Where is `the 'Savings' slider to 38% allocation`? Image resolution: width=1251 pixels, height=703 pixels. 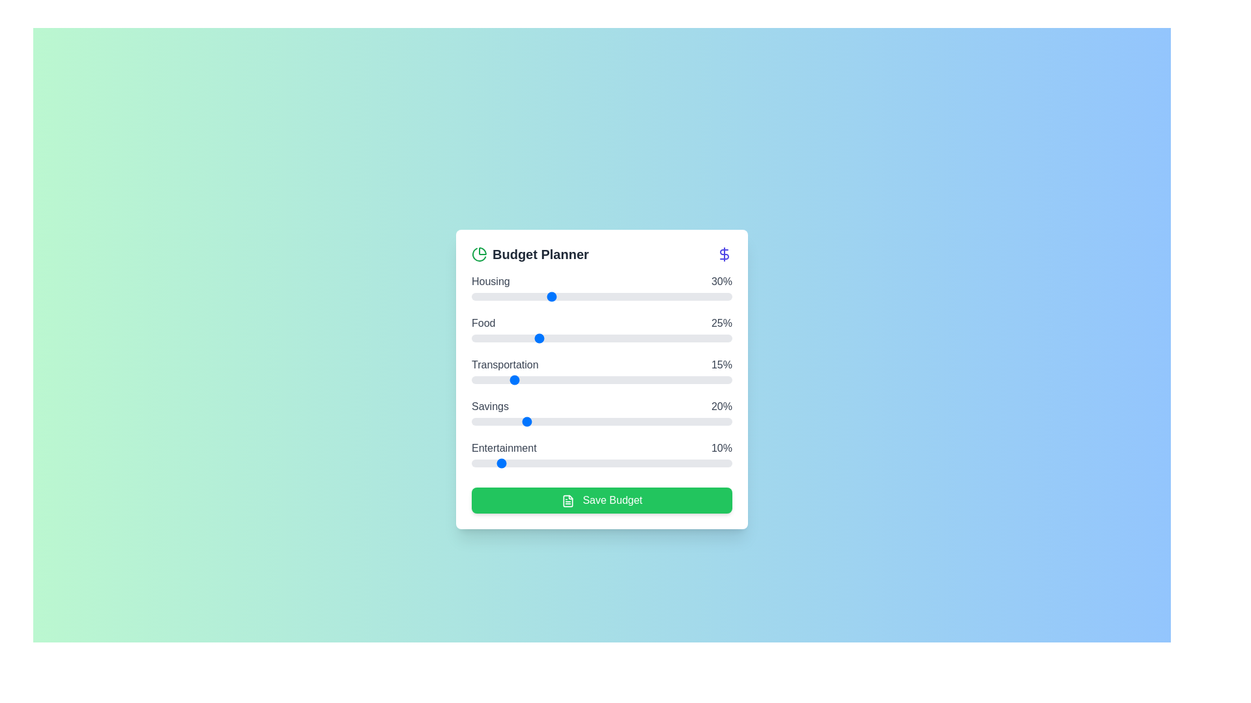 the 'Savings' slider to 38% allocation is located at coordinates (570, 422).